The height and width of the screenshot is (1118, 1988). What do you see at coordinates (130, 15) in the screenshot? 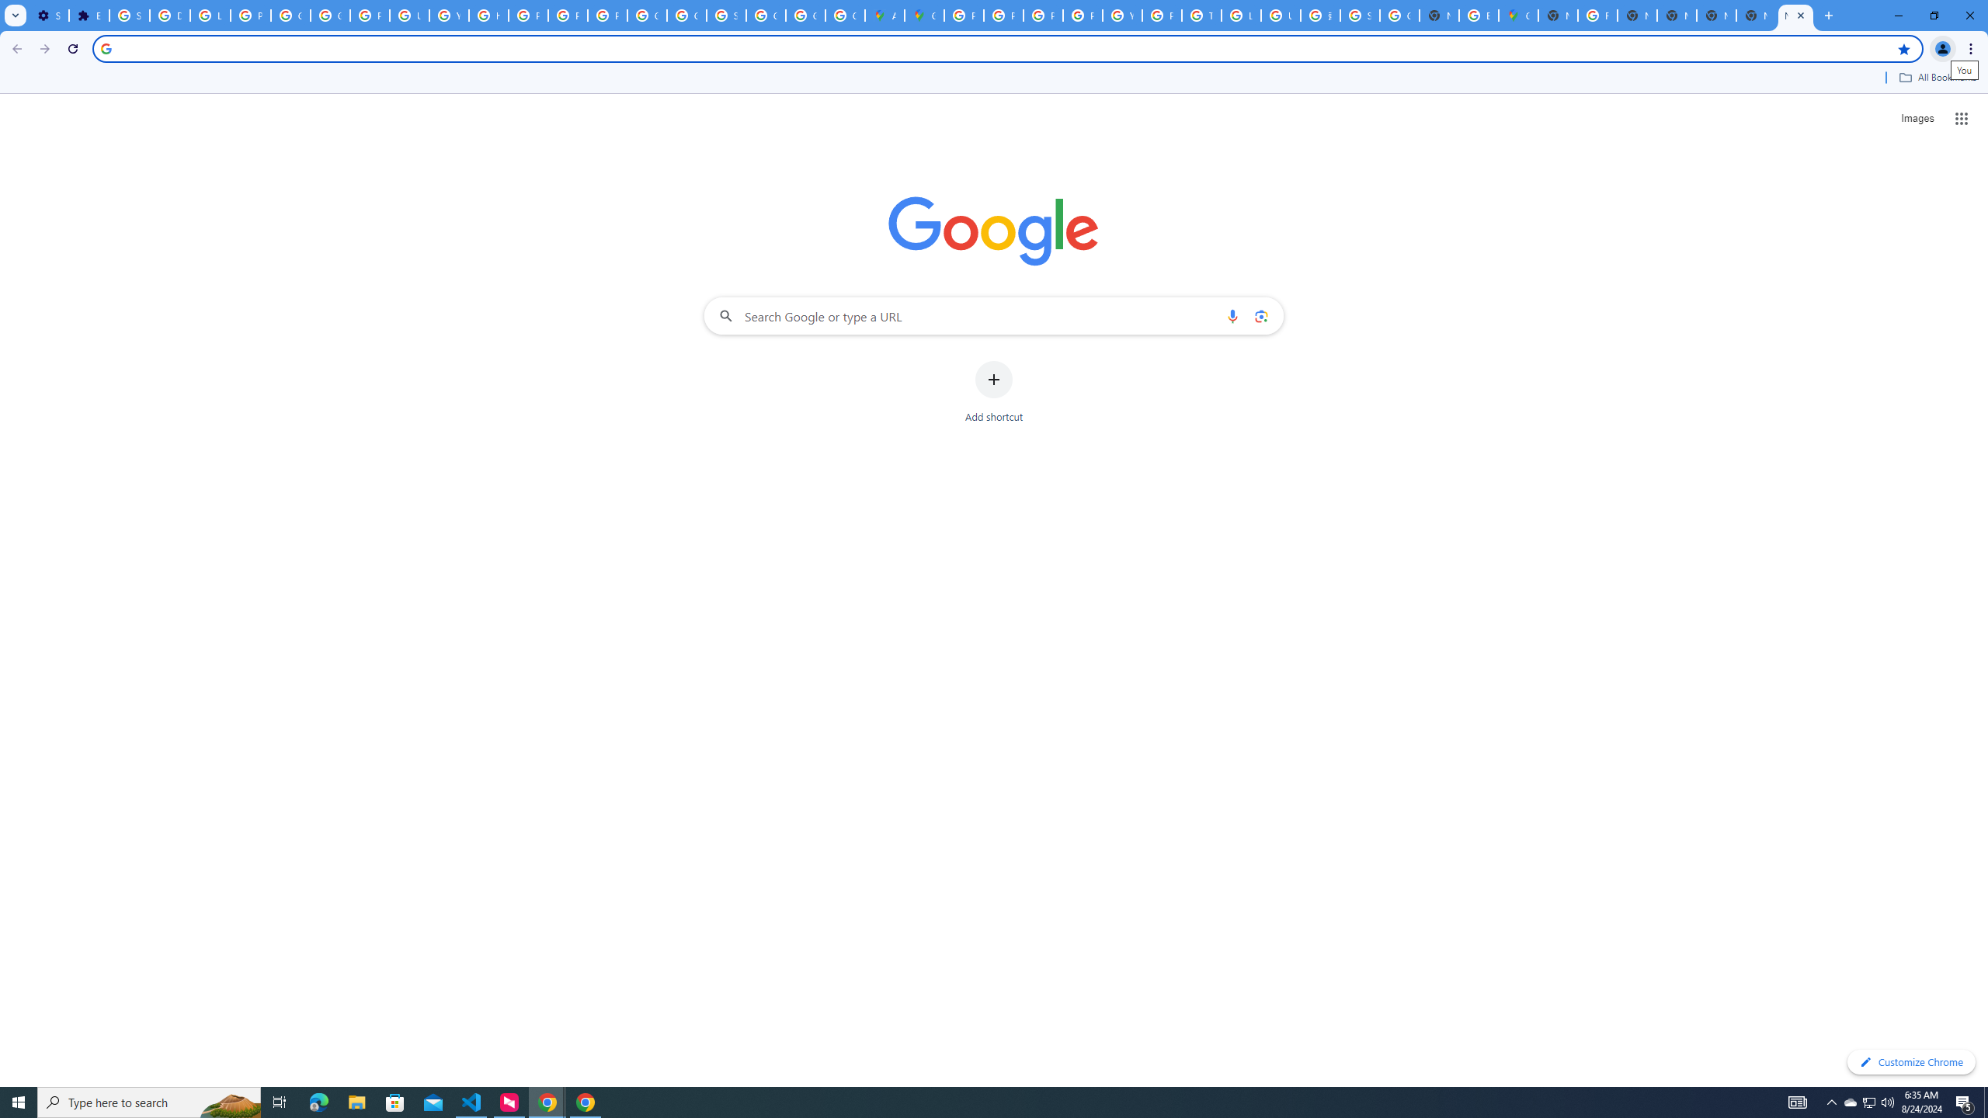
I see `'Sign in - Google Accounts'` at bounding box center [130, 15].